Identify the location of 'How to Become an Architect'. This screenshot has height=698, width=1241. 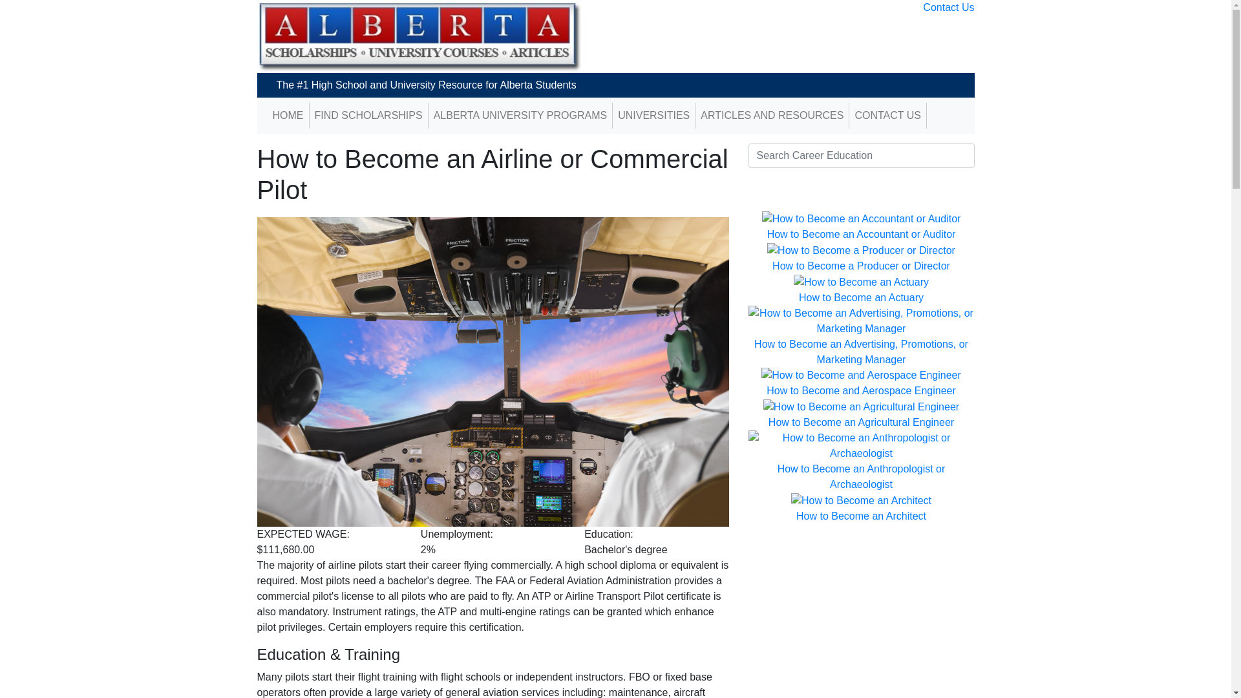
(796, 515).